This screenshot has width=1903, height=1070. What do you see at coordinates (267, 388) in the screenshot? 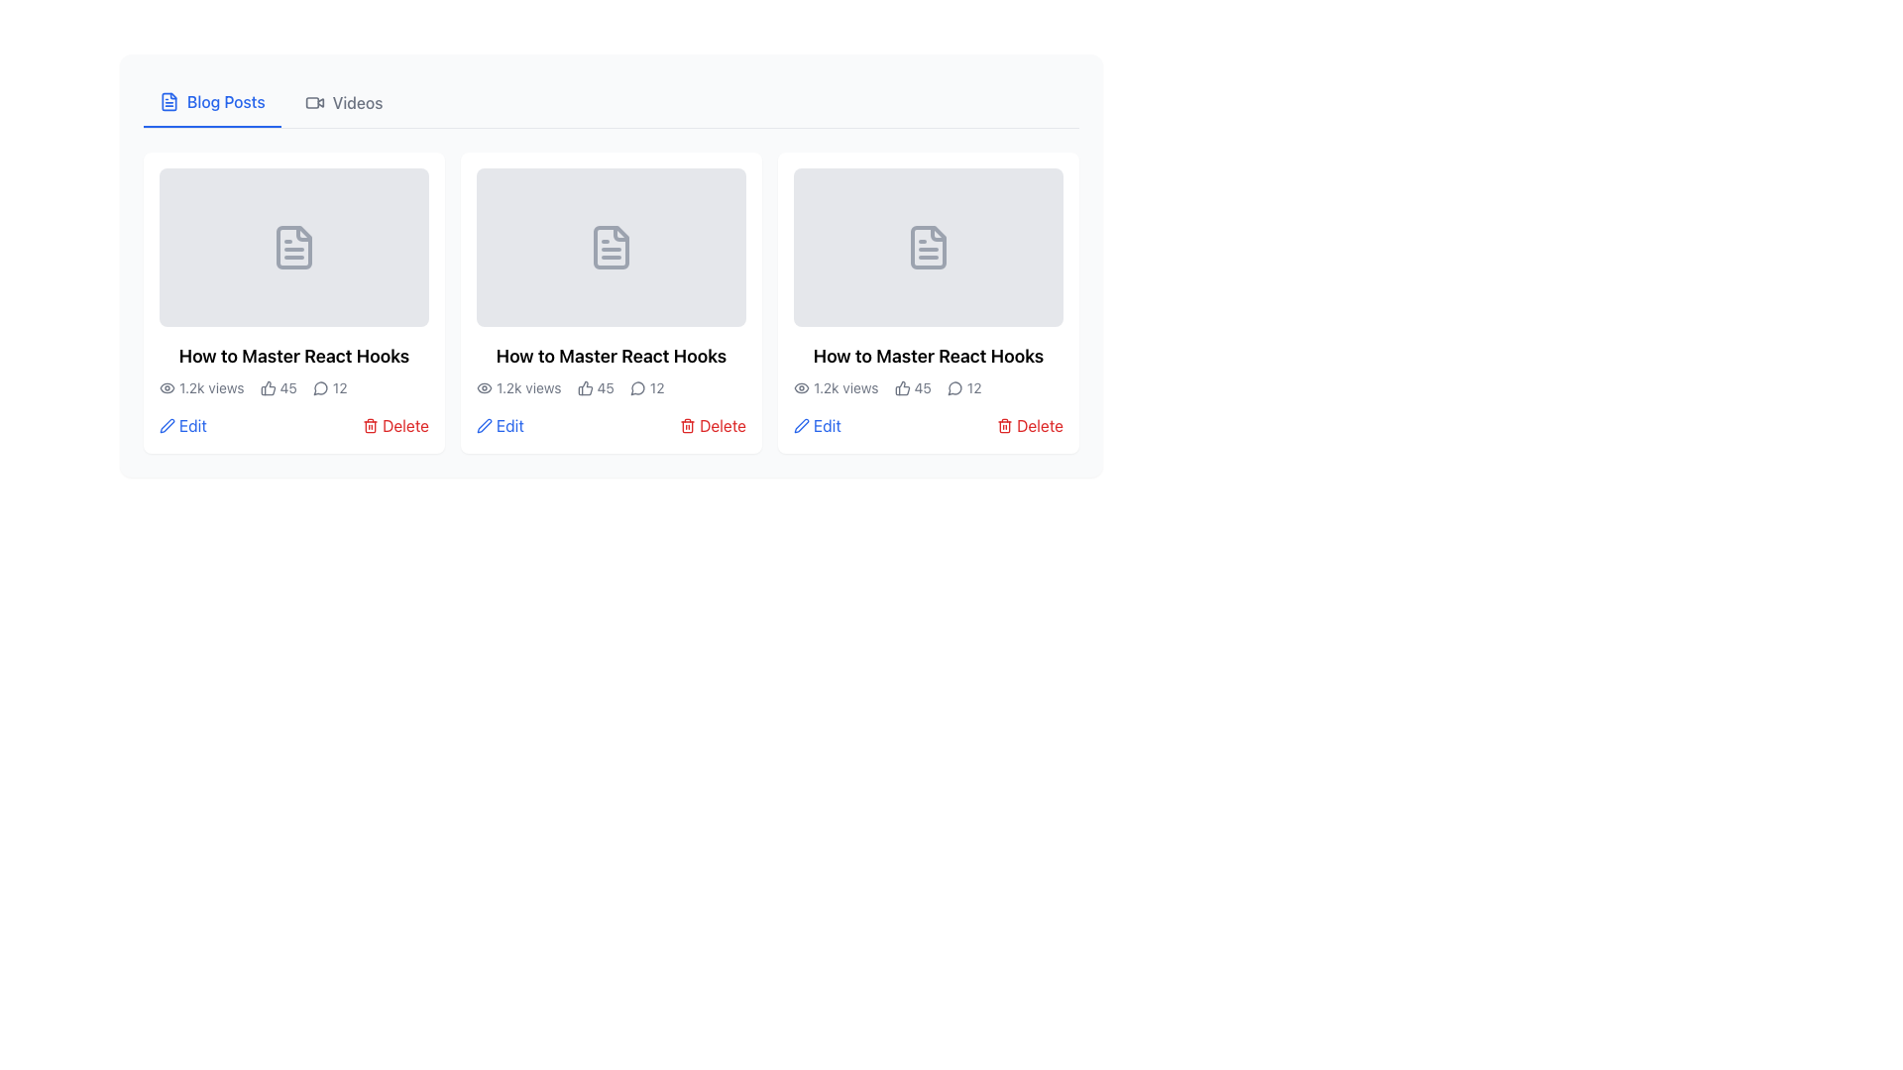
I see `the thumbs-up icon button, which is styled with a black outline and positioned between the 'views' icon and the 'comments' icon in the metadata section below the post title` at bounding box center [267, 388].